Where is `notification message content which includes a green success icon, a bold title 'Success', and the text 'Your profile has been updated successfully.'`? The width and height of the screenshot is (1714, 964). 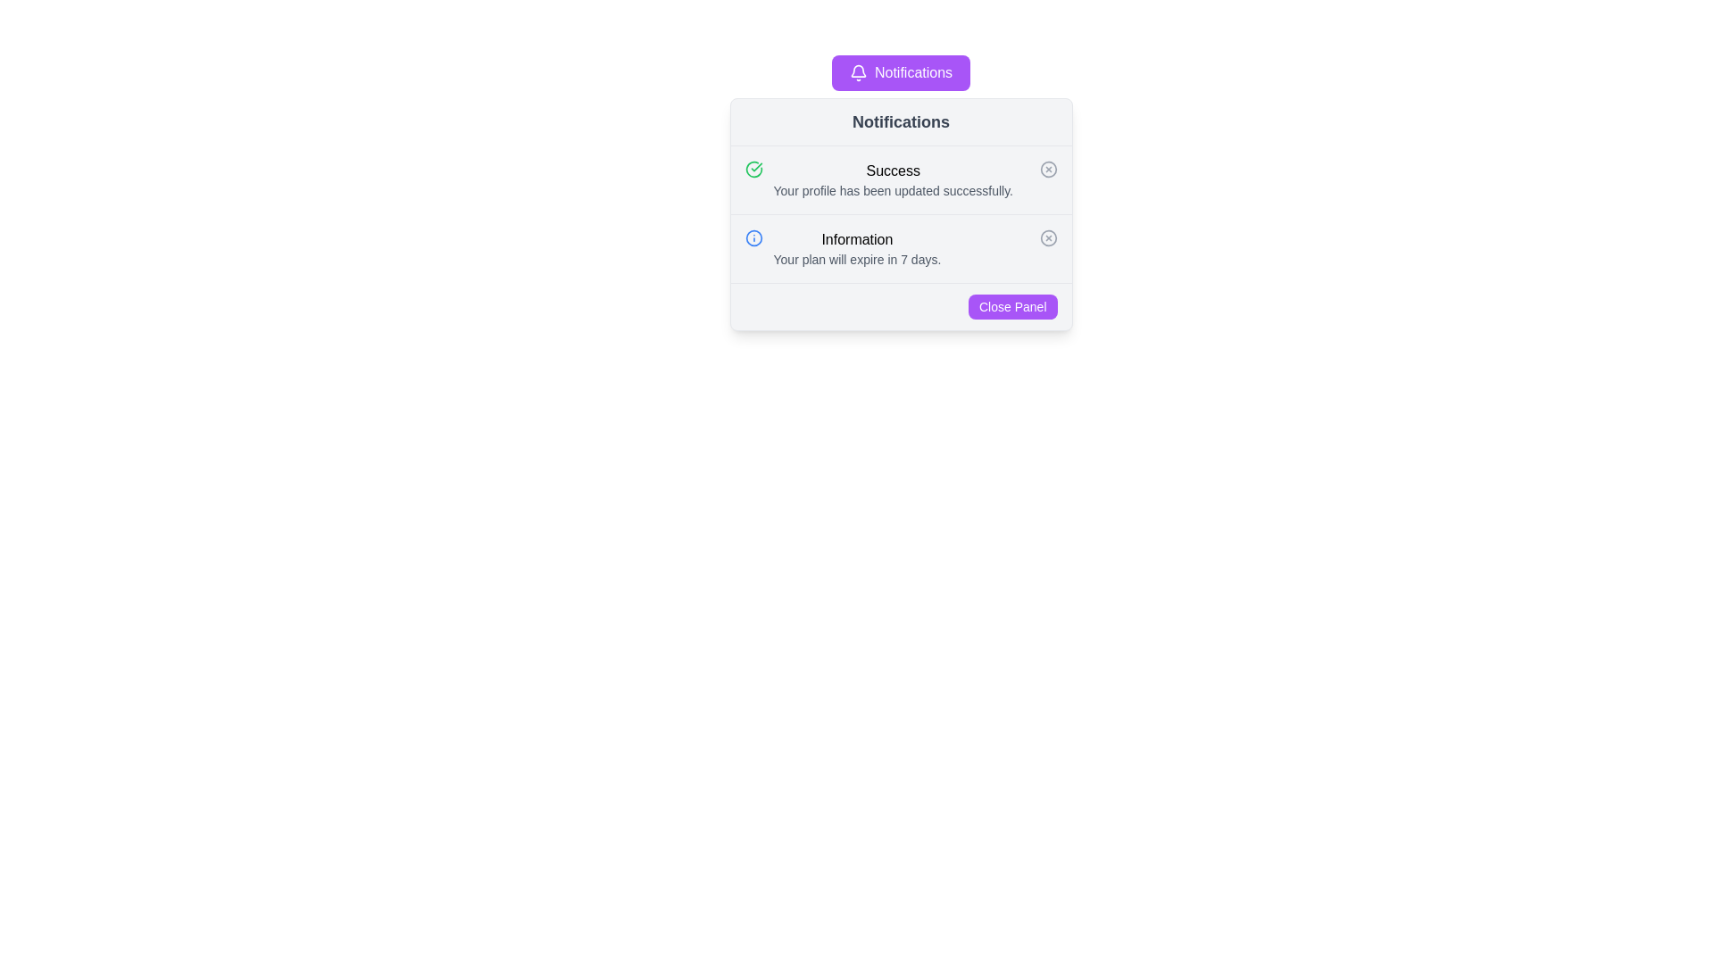
notification message content which includes a green success icon, a bold title 'Success', and the text 'Your profile has been updated successfully.' is located at coordinates (901, 179).